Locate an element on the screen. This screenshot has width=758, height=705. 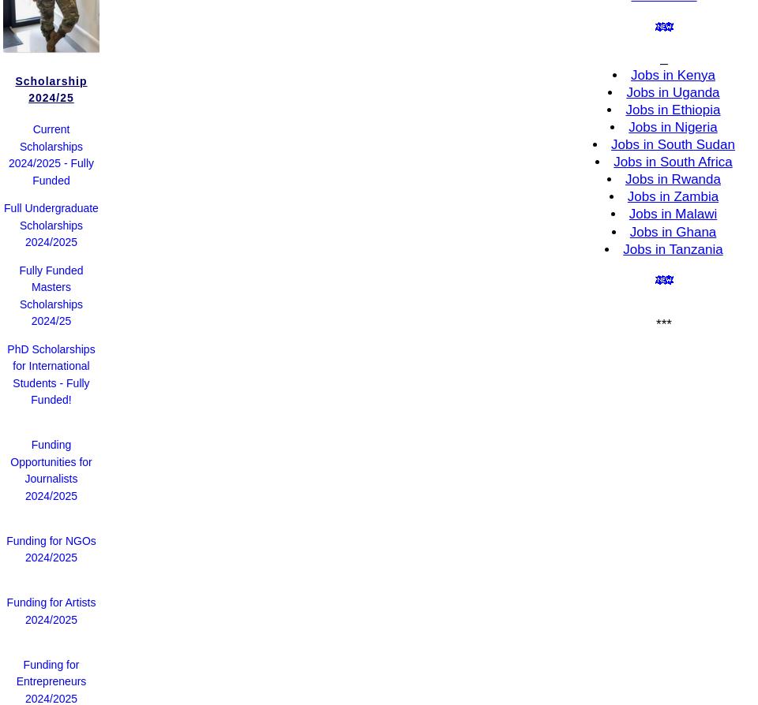
'Funding for Entrepreneurs 2024/2025' is located at coordinates (51, 680).